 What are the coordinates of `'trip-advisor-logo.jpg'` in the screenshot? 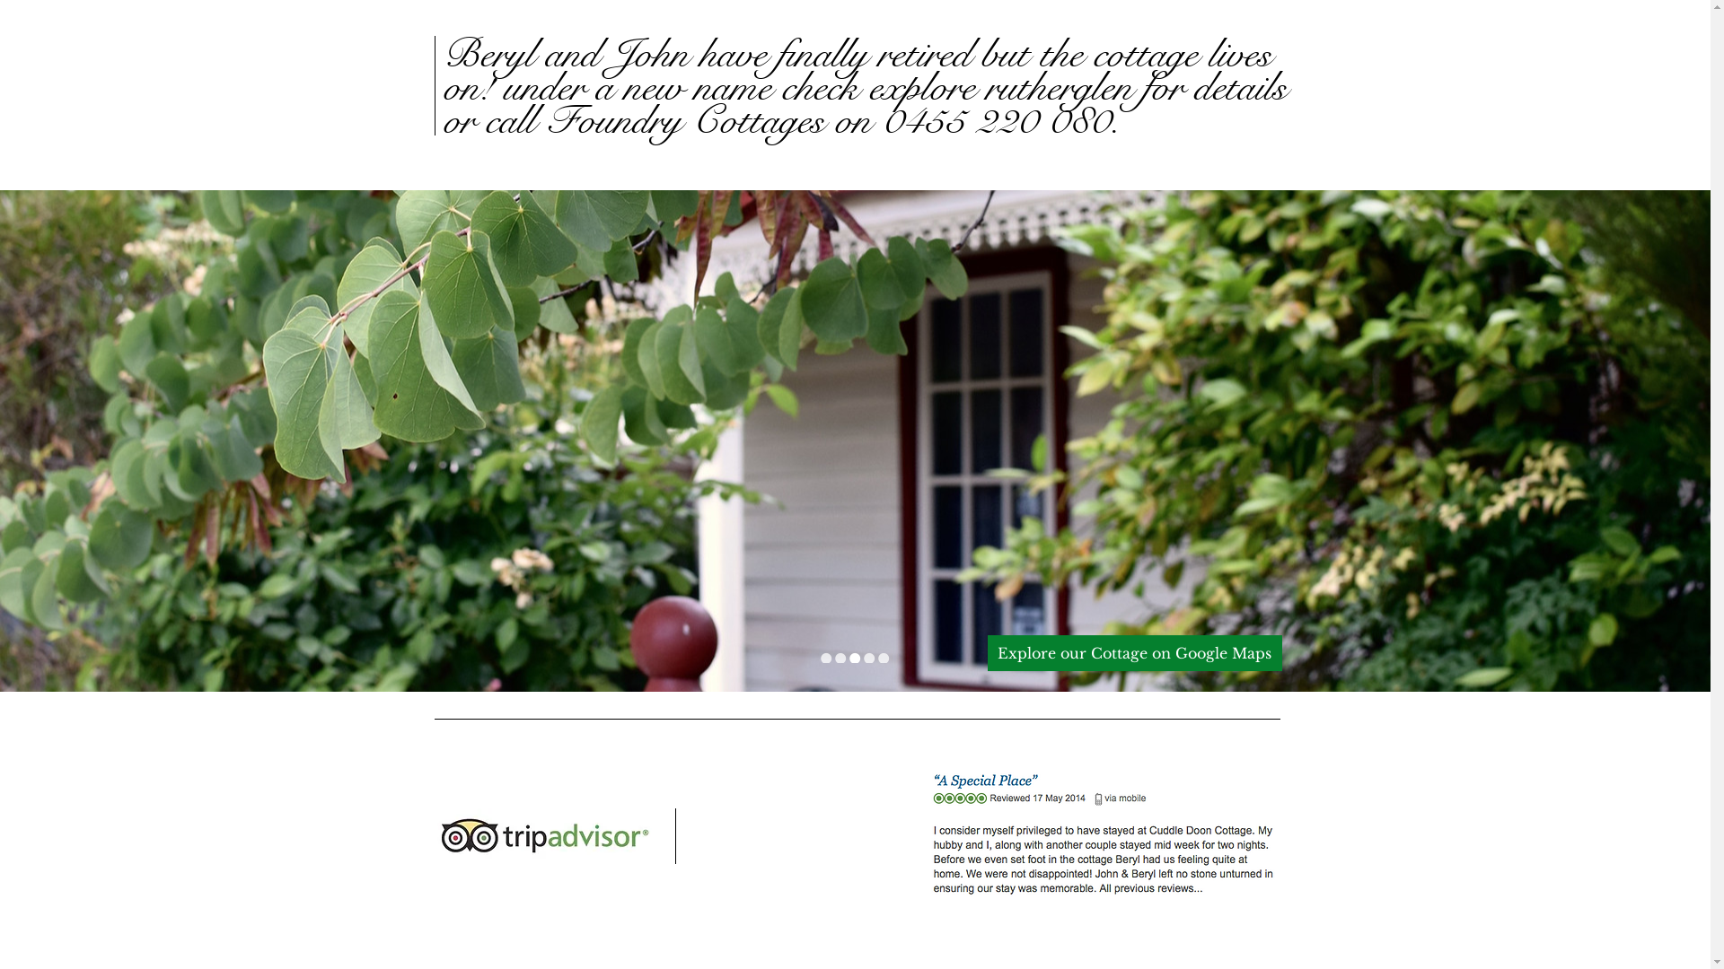 It's located at (544, 836).